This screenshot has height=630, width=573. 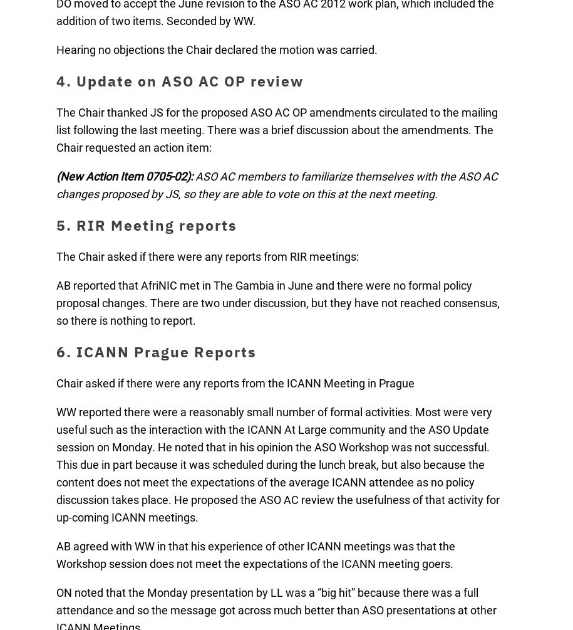 I want to click on 'The Chair thanked JS for the proposed ASO AC OP amendments circulated to the mailing list following the last meeting. There was a brief discussion about the amendments. The Chair requested an action item:', so click(x=56, y=129).